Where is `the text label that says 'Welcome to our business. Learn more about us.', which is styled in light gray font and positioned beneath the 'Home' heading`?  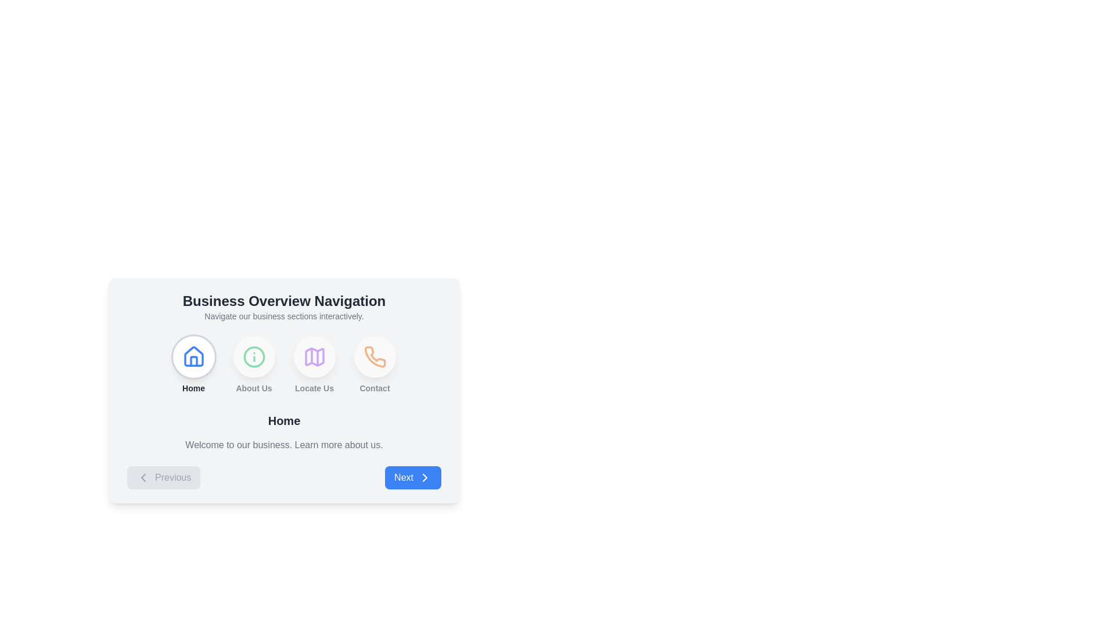 the text label that says 'Welcome to our business. Learn more about us.', which is styled in light gray font and positioned beneath the 'Home' heading is located at coordinates (284, 445).